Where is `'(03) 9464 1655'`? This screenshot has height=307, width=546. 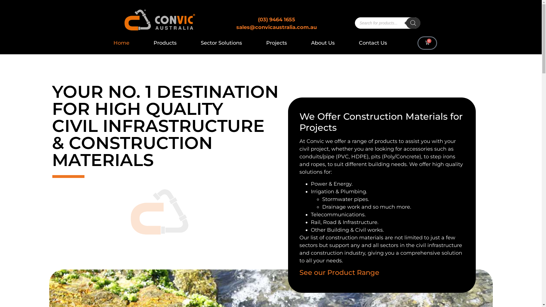
'(03) 9464 1655' is located at coordinates (276, 19).